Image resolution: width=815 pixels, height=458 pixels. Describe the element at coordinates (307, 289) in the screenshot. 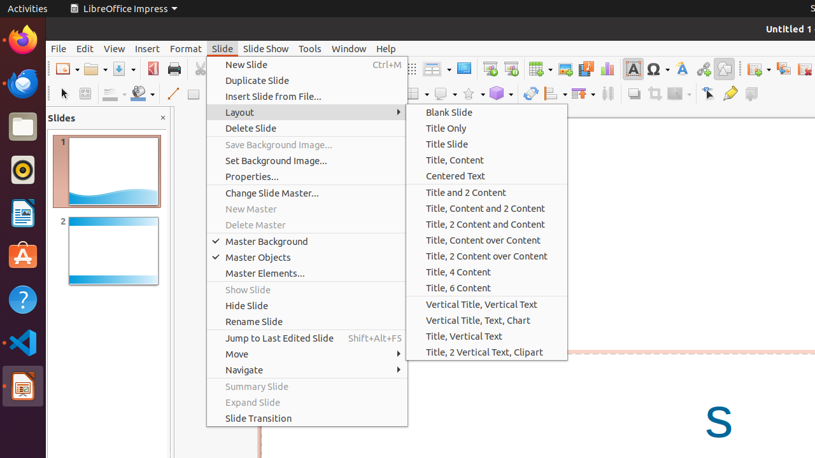

I see `'Show Slide'` at that location.